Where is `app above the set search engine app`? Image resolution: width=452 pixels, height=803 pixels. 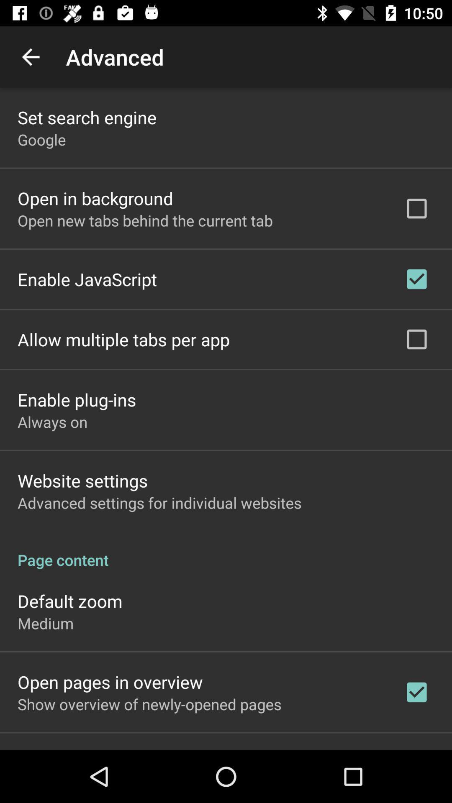
app above the set search engine app is located at coordinates (30, 56).